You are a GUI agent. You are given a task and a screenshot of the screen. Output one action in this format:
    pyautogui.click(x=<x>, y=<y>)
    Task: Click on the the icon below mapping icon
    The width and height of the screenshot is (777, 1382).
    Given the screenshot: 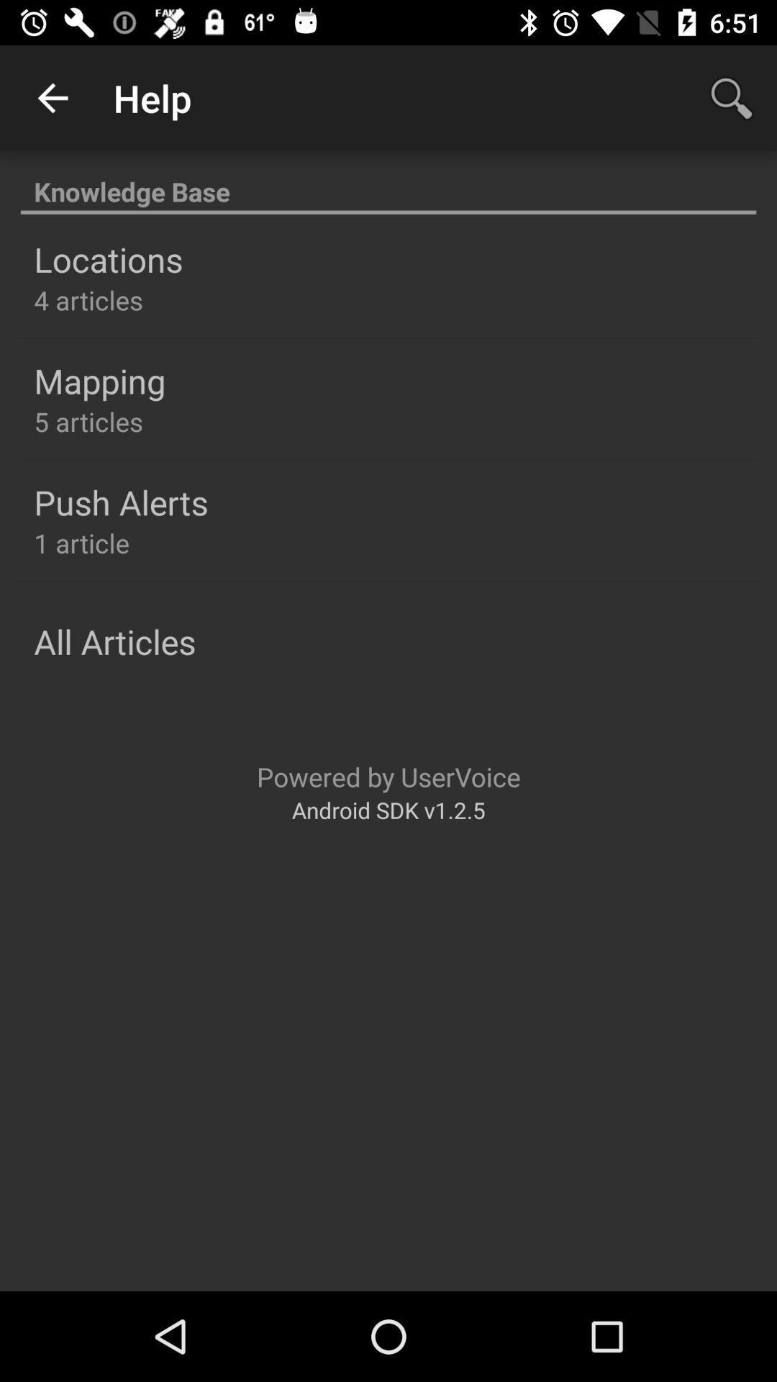 What is the action you would take?
    pyautogui.click(x=88, y=420)
    